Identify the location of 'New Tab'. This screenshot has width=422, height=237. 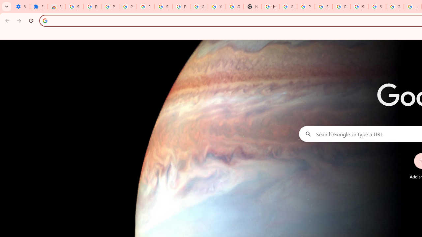
(252, 7).